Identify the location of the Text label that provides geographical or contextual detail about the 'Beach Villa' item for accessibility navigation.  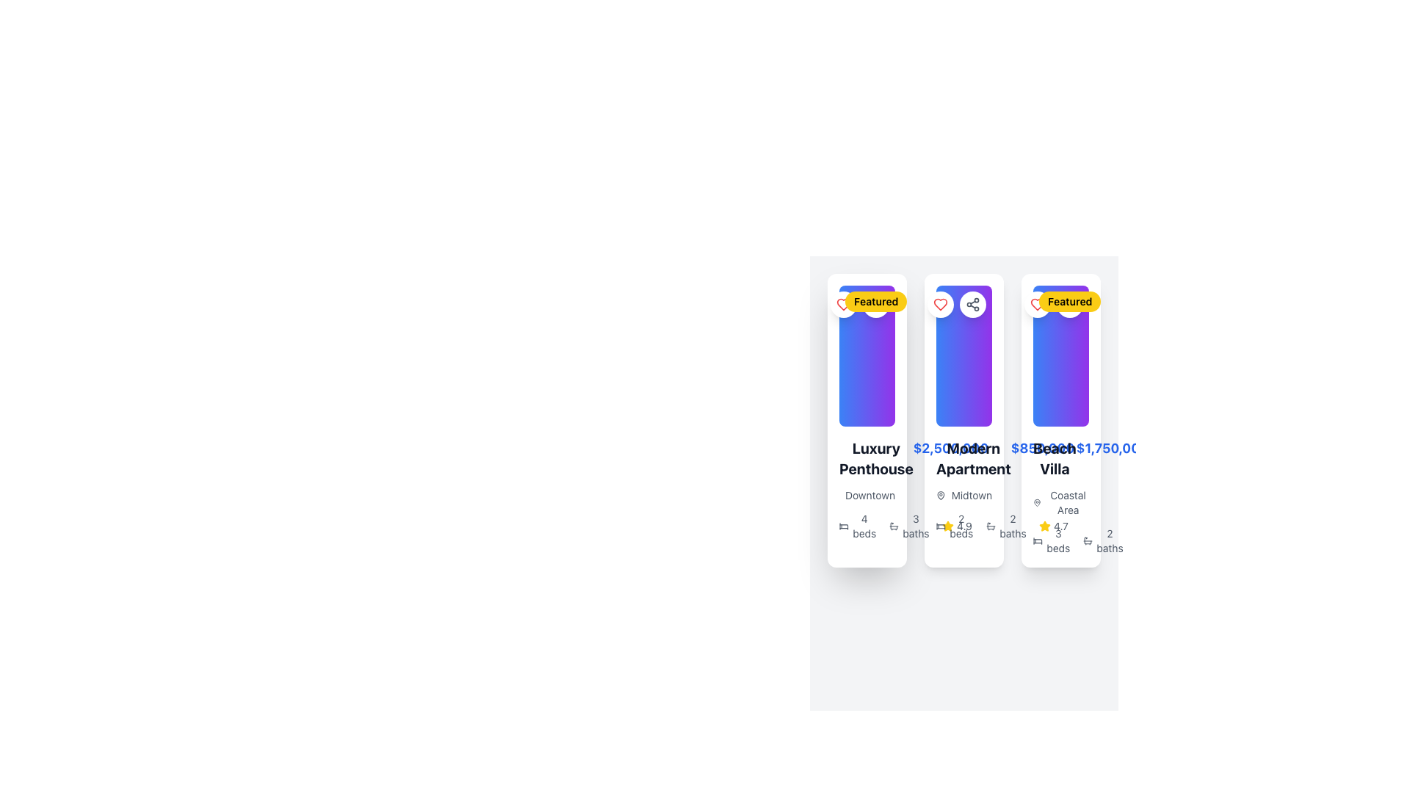
(1068, 502).